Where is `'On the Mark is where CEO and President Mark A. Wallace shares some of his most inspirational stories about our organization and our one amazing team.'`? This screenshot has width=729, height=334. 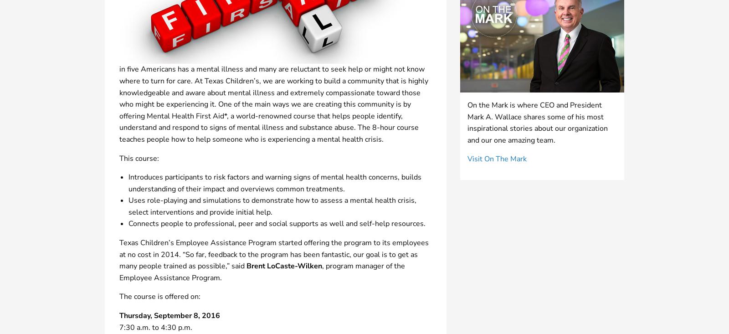 'On the Mark is where CEO and President Mark A. Wallace shares some of his most inspirational stories about our organization and our one amazing team.' is located at coordinates (538, 122).